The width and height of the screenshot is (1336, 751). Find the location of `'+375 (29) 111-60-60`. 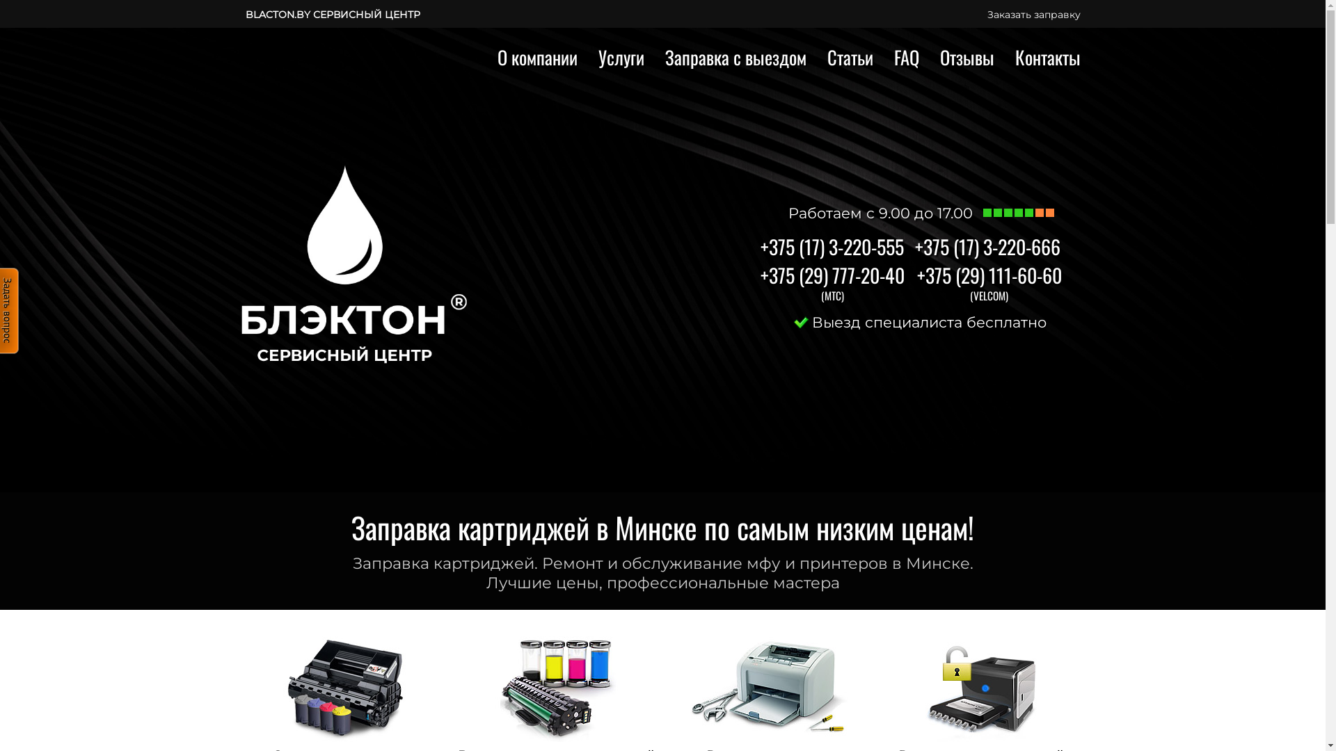

'+375 (29) 111-60-60 is located at coordinates (988, 275).